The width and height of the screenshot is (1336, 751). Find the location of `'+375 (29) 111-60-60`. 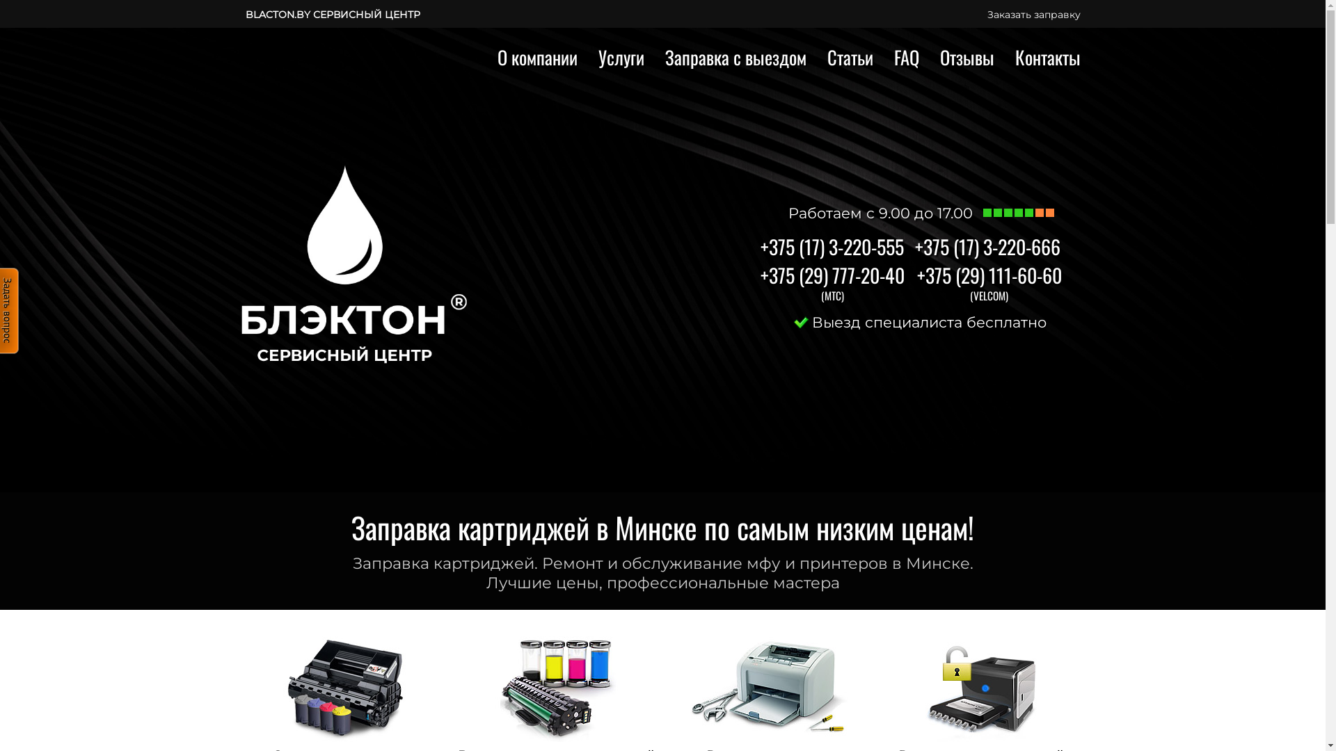

'+375 (29) 111-60-60 is located at coordinates (988, 275).